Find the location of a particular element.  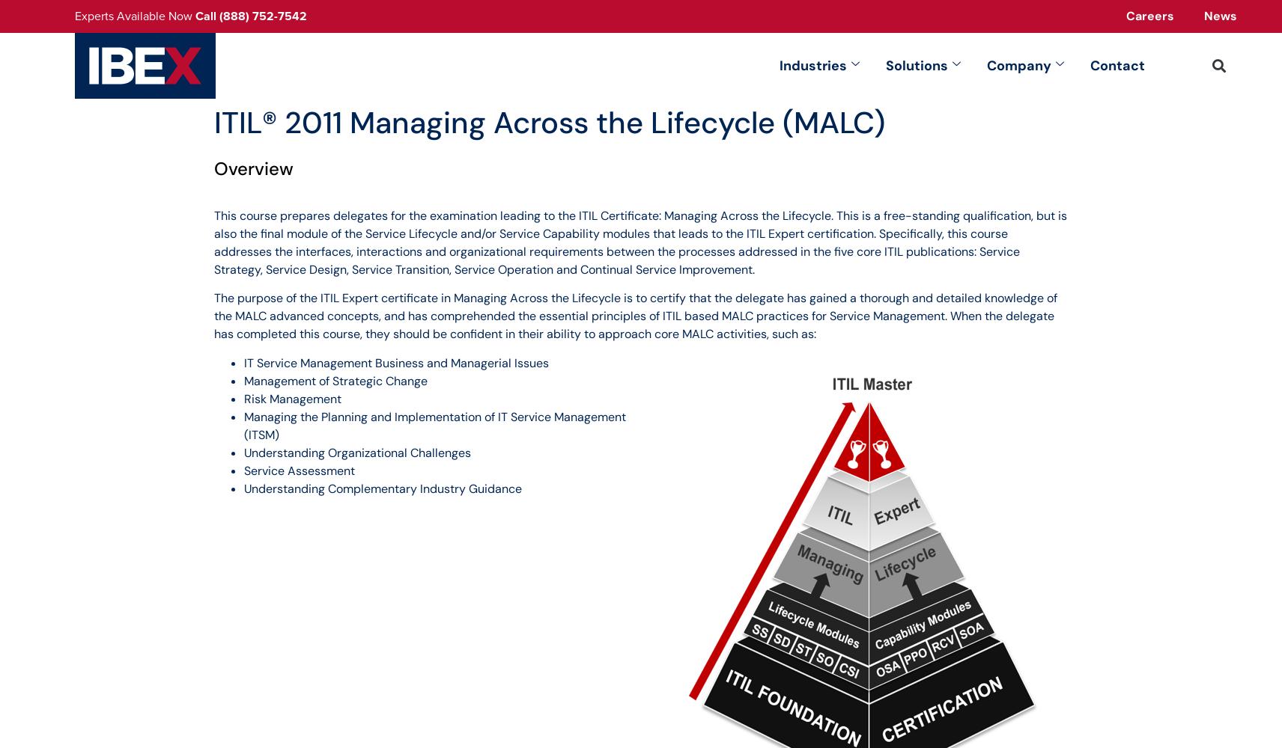

'Understanding Complementary Industry Guidance' is located at coordinates (382, 488).